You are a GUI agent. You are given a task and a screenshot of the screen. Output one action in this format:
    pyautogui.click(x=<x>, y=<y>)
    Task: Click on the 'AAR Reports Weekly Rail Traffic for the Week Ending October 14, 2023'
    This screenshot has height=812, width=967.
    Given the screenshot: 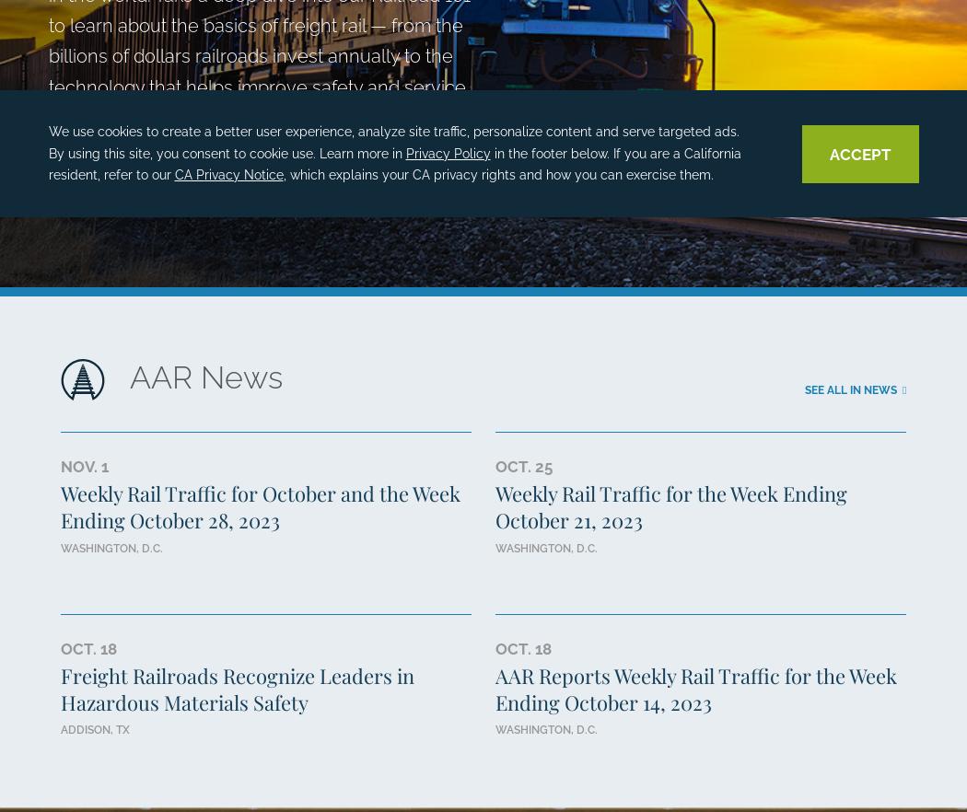 What is the action you would take?
    pyautogui.click(x=694, y=688)
    